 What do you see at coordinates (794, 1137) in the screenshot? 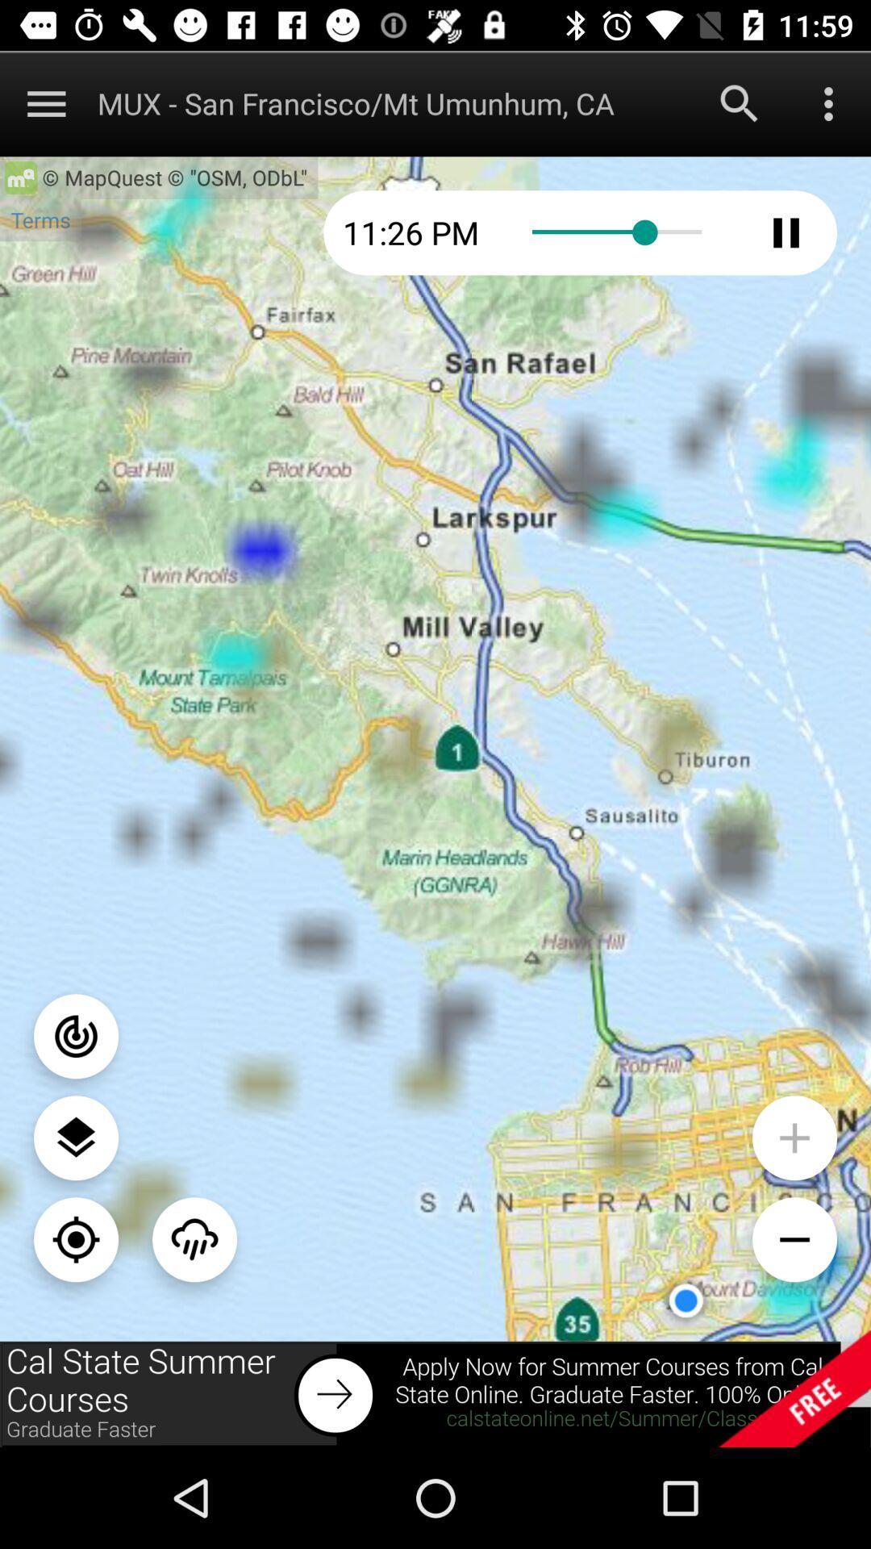
I see `zoom in` at bounding box center [794, 1137].